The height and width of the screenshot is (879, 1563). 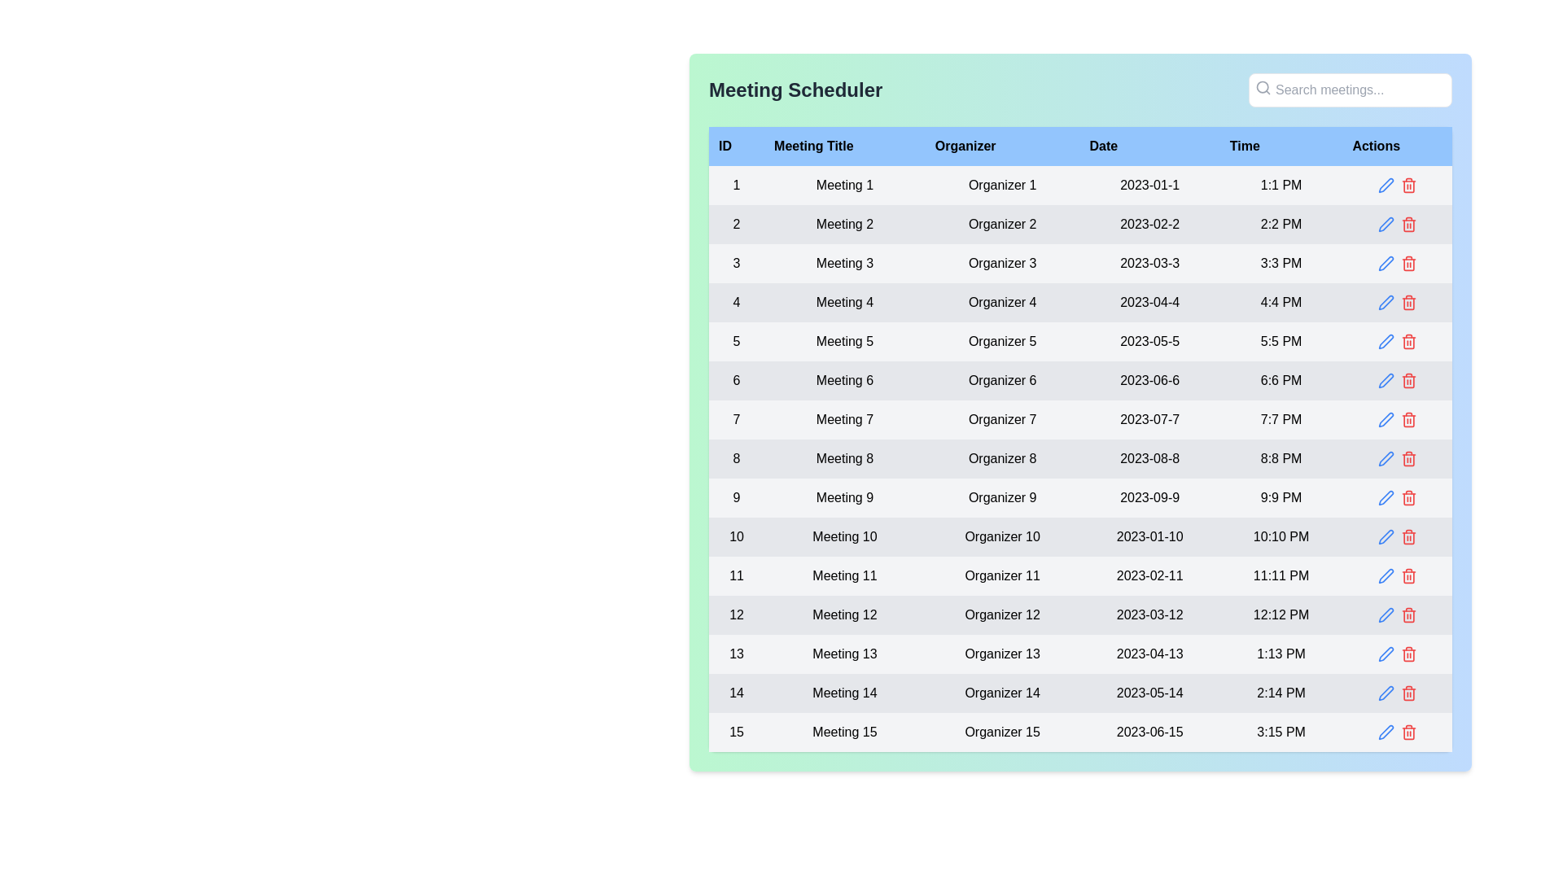 I want to click on the delete button located, so click(x=1408, y=263).